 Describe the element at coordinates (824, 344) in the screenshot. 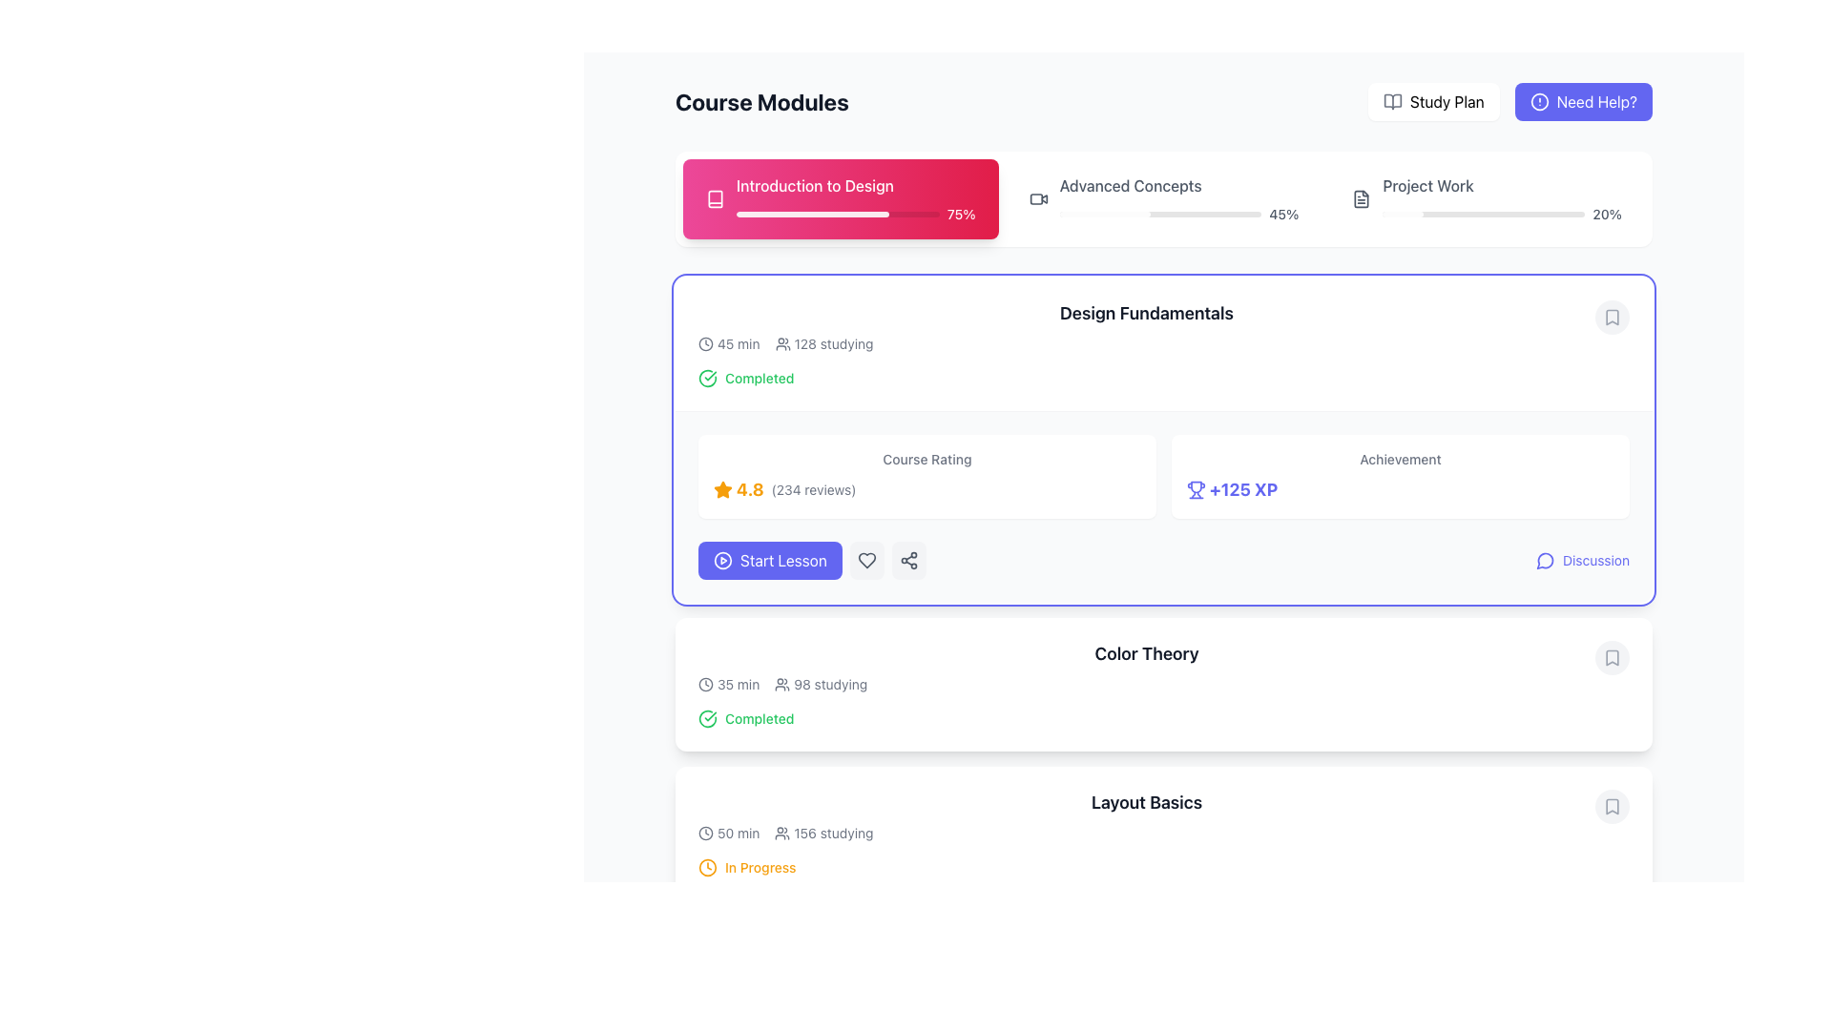

I see `the static label with the icon that displays the number '128', indicating user engagement metrics, positioned to the right of the '45 min' text within the 'Design Fundamentals' area` at that location.